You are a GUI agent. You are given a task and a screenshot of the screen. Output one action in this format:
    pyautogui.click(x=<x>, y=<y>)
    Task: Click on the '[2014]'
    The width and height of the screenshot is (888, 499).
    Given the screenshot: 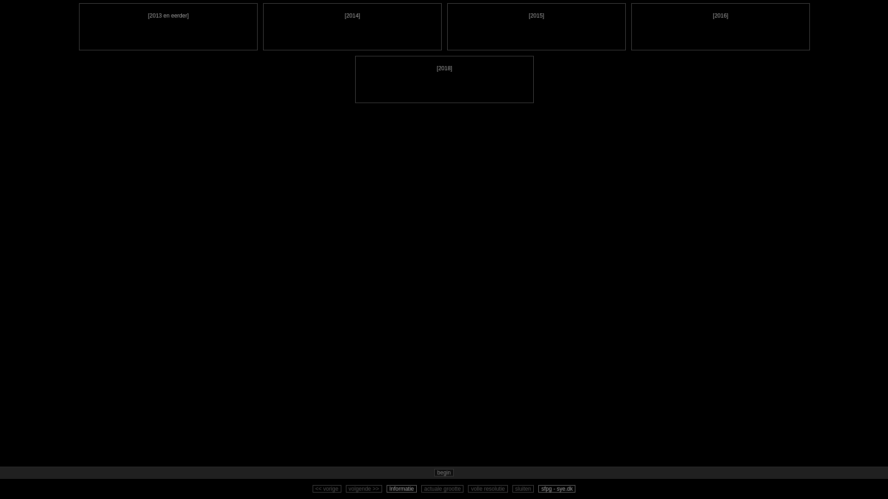 What is the action you would take?
    pyautogui.click(x=352, y=26)
    